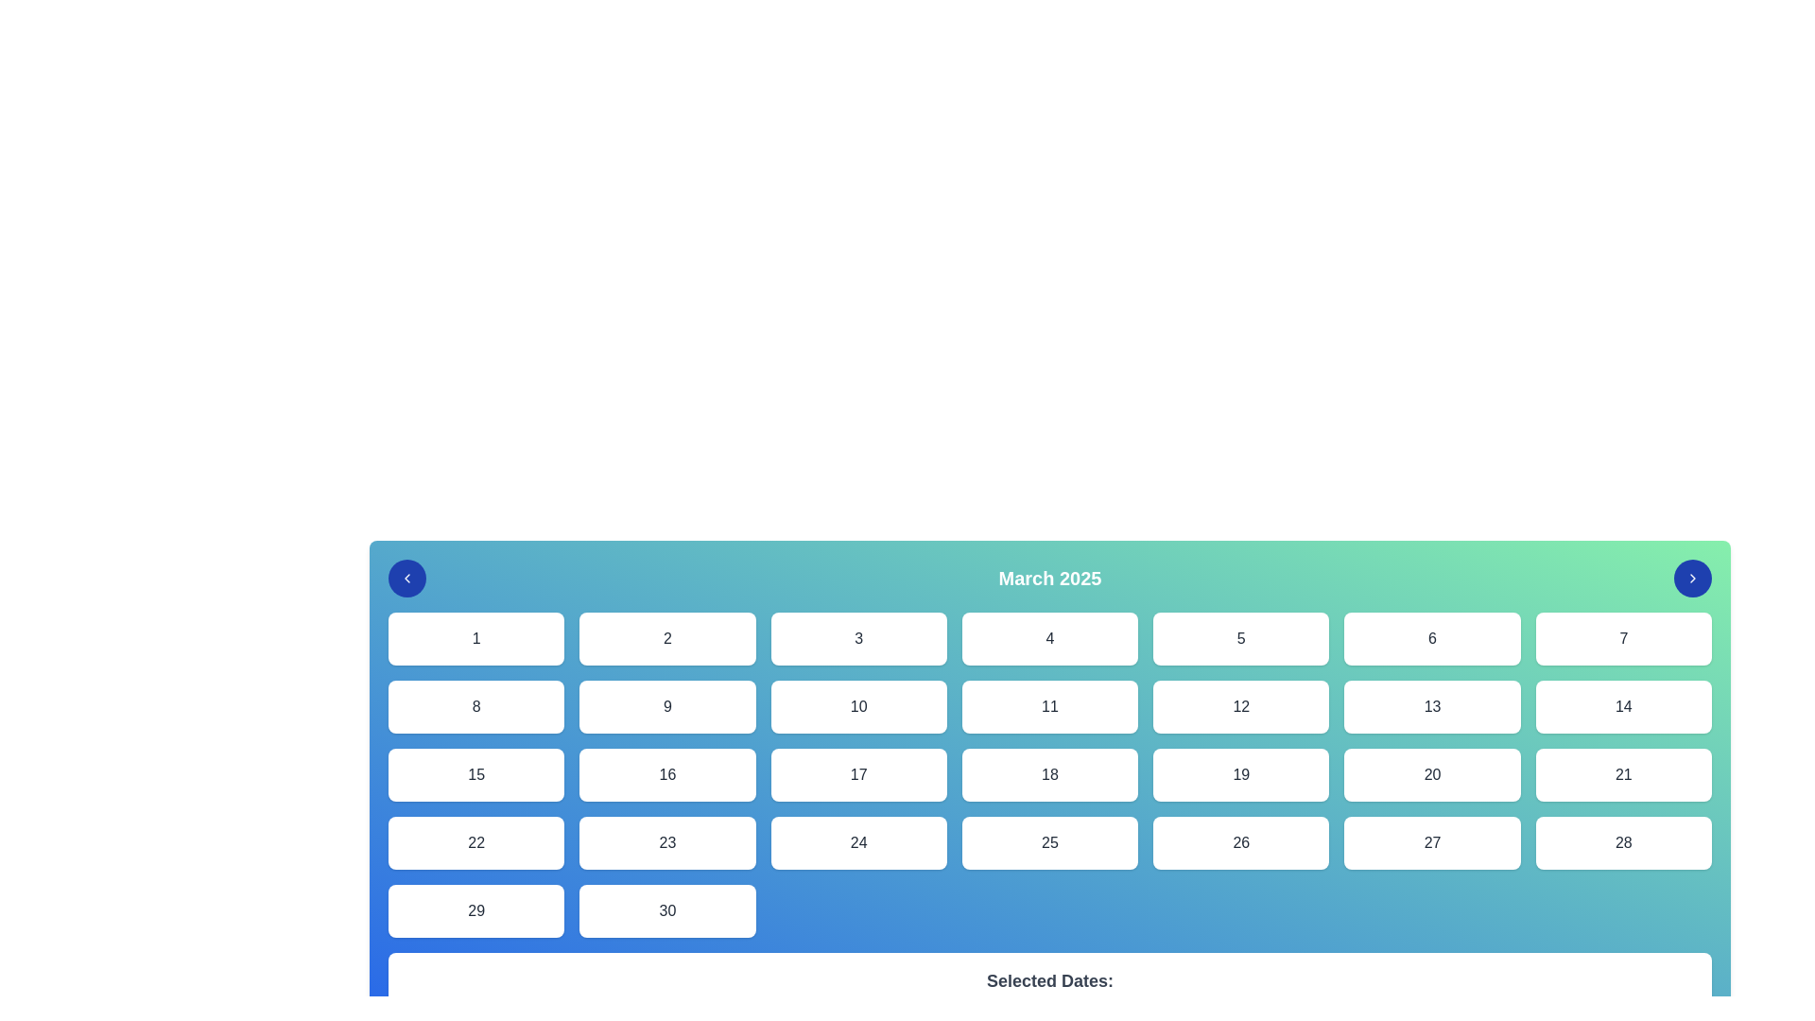 Image resolution: width=1815 pixels, height=1021 pixels. What do you see at coordinates (1692, 578) in the screenshot?
I see `the small, right-facing chevron icon within the circular button located at the top-right corner of the calendar interface` at bounding box center [1692, 578].